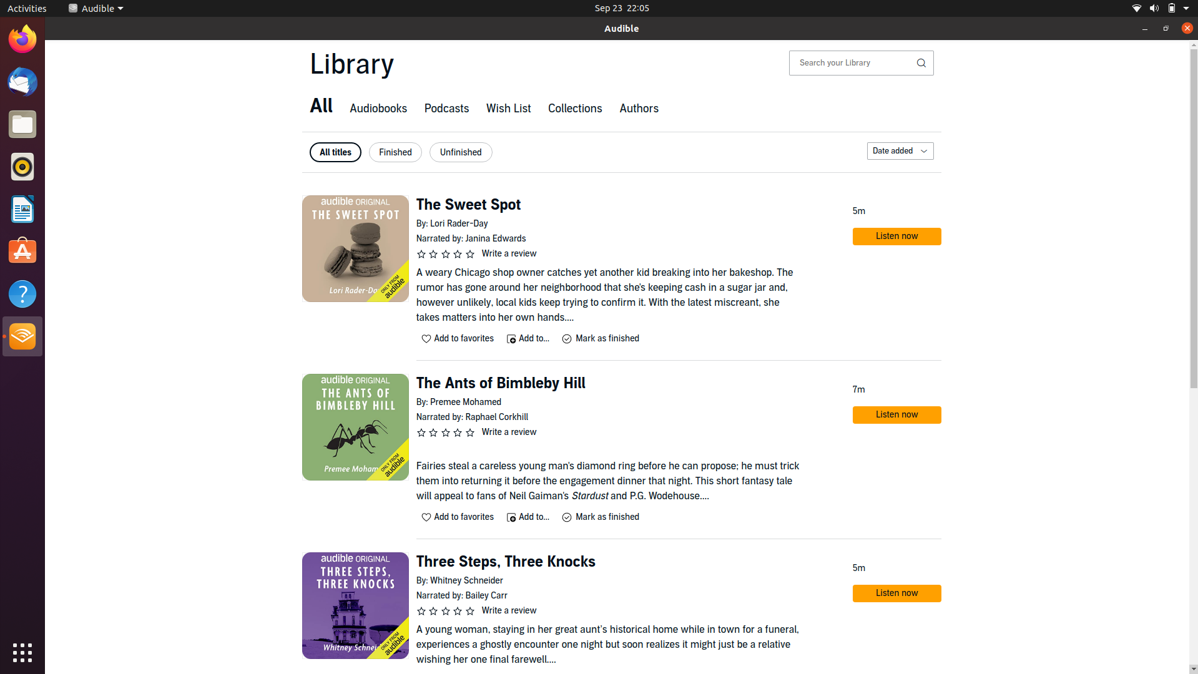 The width and height of the screenshot is (1198, 674). I want to click on Add "Ants of Bimbleby Hill" to favourites, so click(458, 517).